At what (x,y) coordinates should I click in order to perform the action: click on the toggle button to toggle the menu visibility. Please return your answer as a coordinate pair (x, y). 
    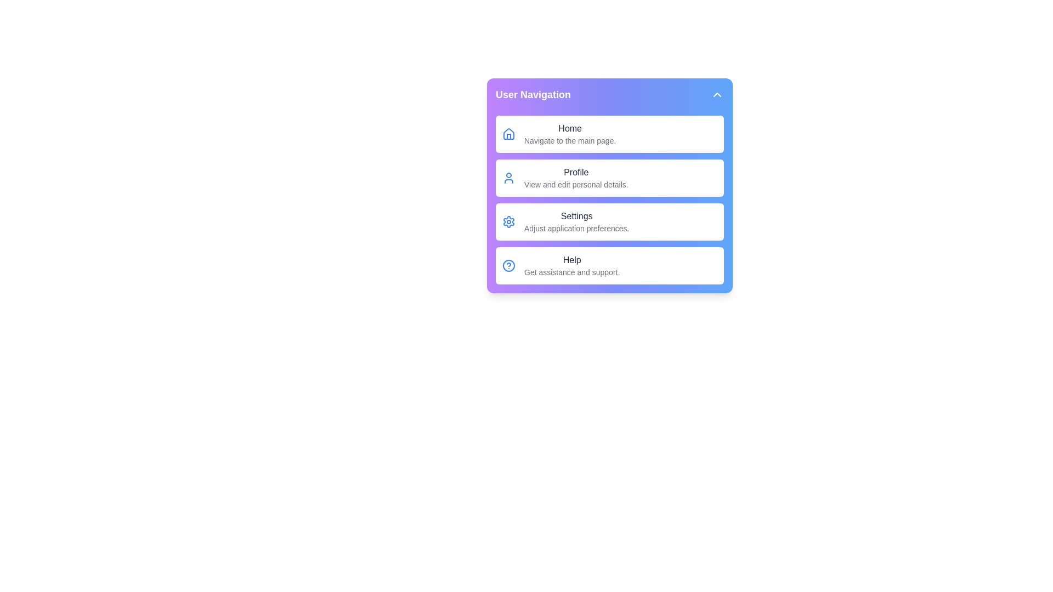
    Looking at the image, I should click on (717, 94).